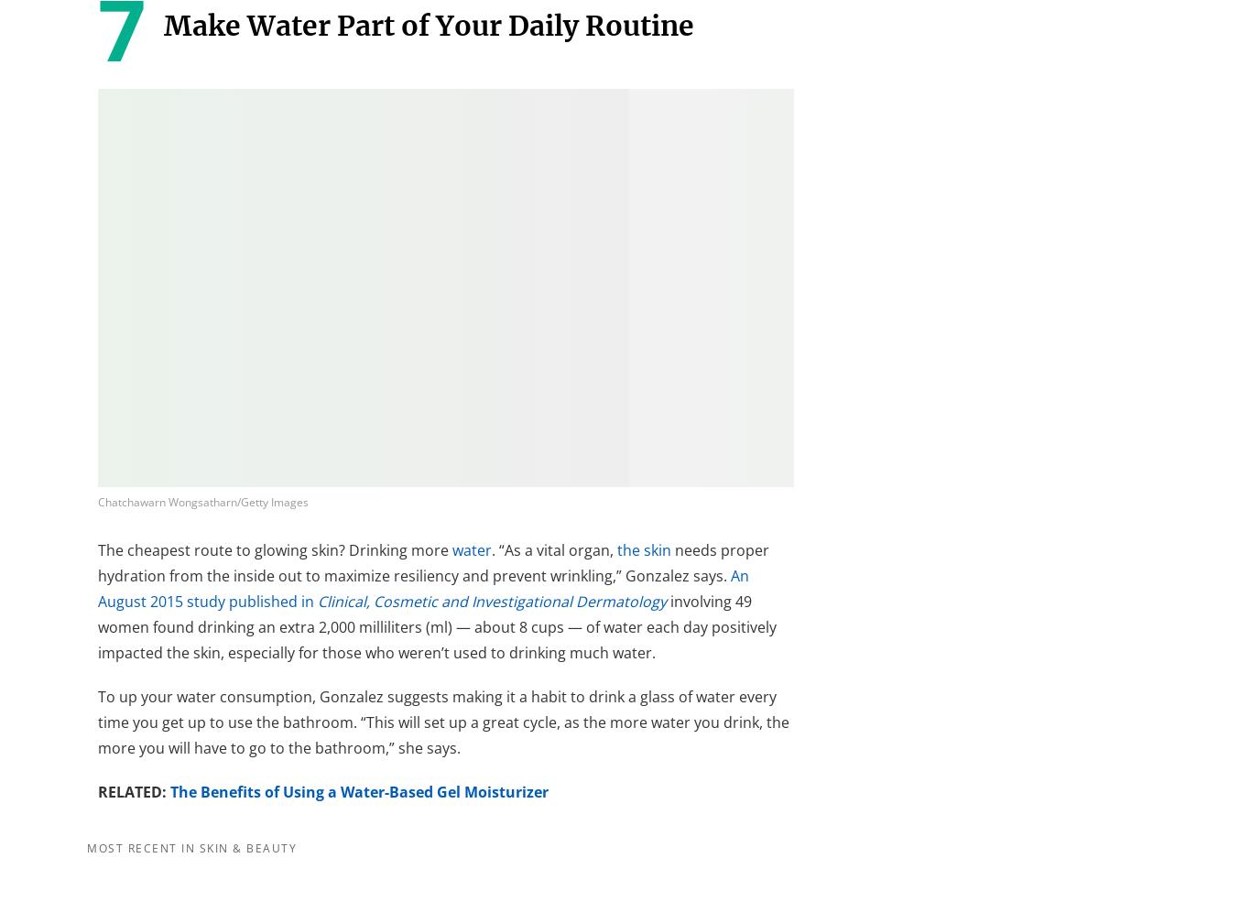  I want to click on 'Clinical, Cosmetic and Investigational Dermatology', so click(492, 601).